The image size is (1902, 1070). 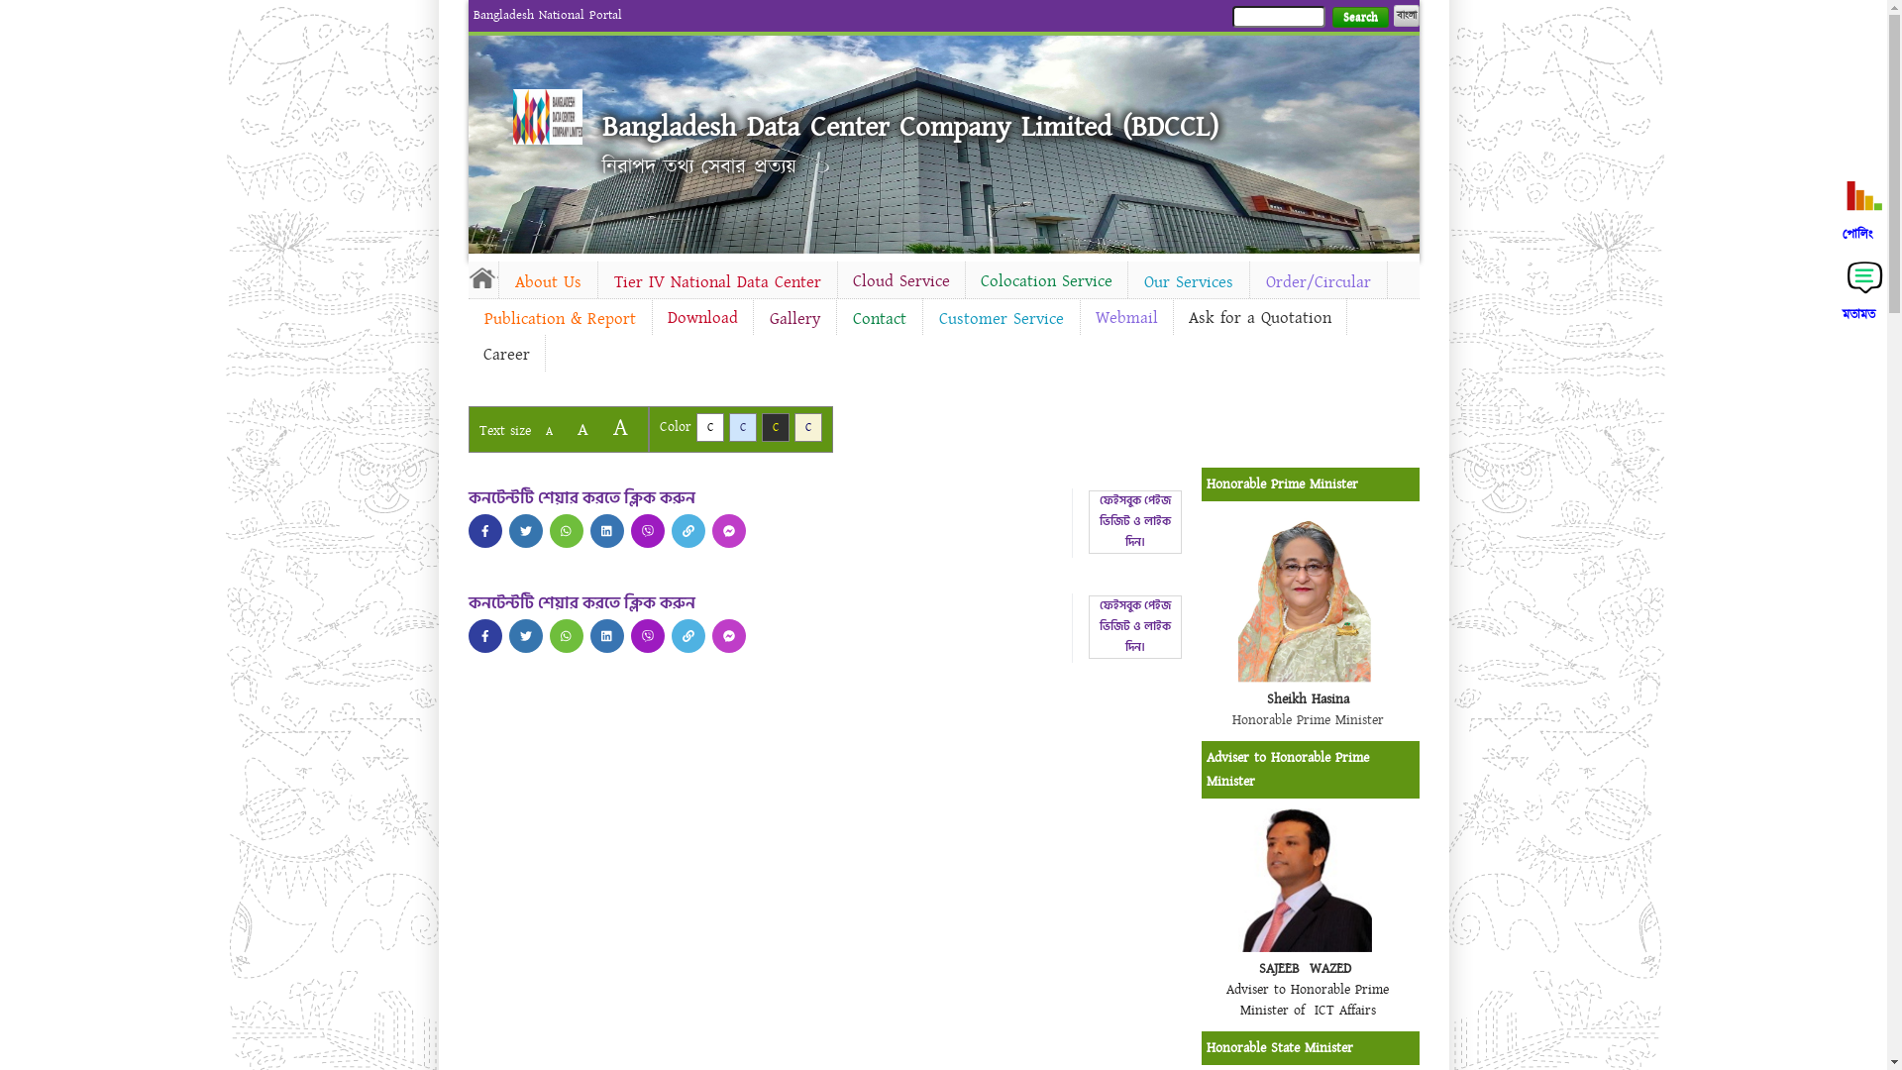 I want to click on 'Cloud Service', so click(x=900, y=281).